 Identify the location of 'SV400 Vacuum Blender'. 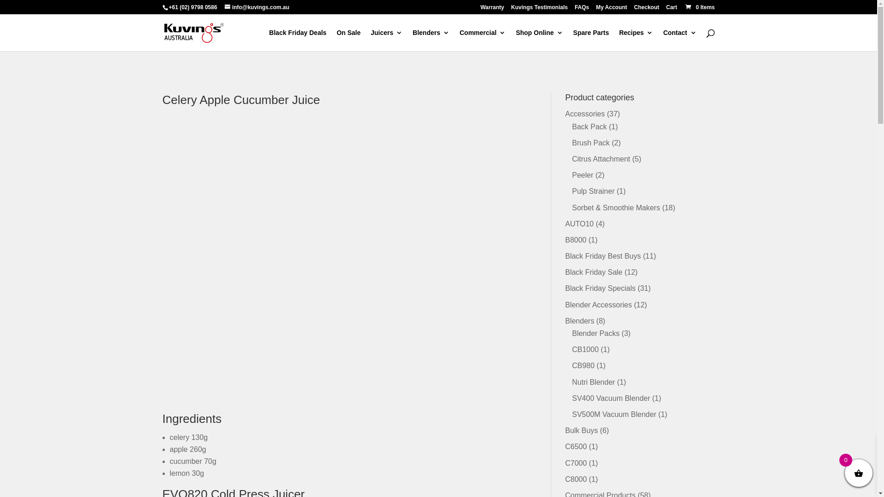
(611, 398).